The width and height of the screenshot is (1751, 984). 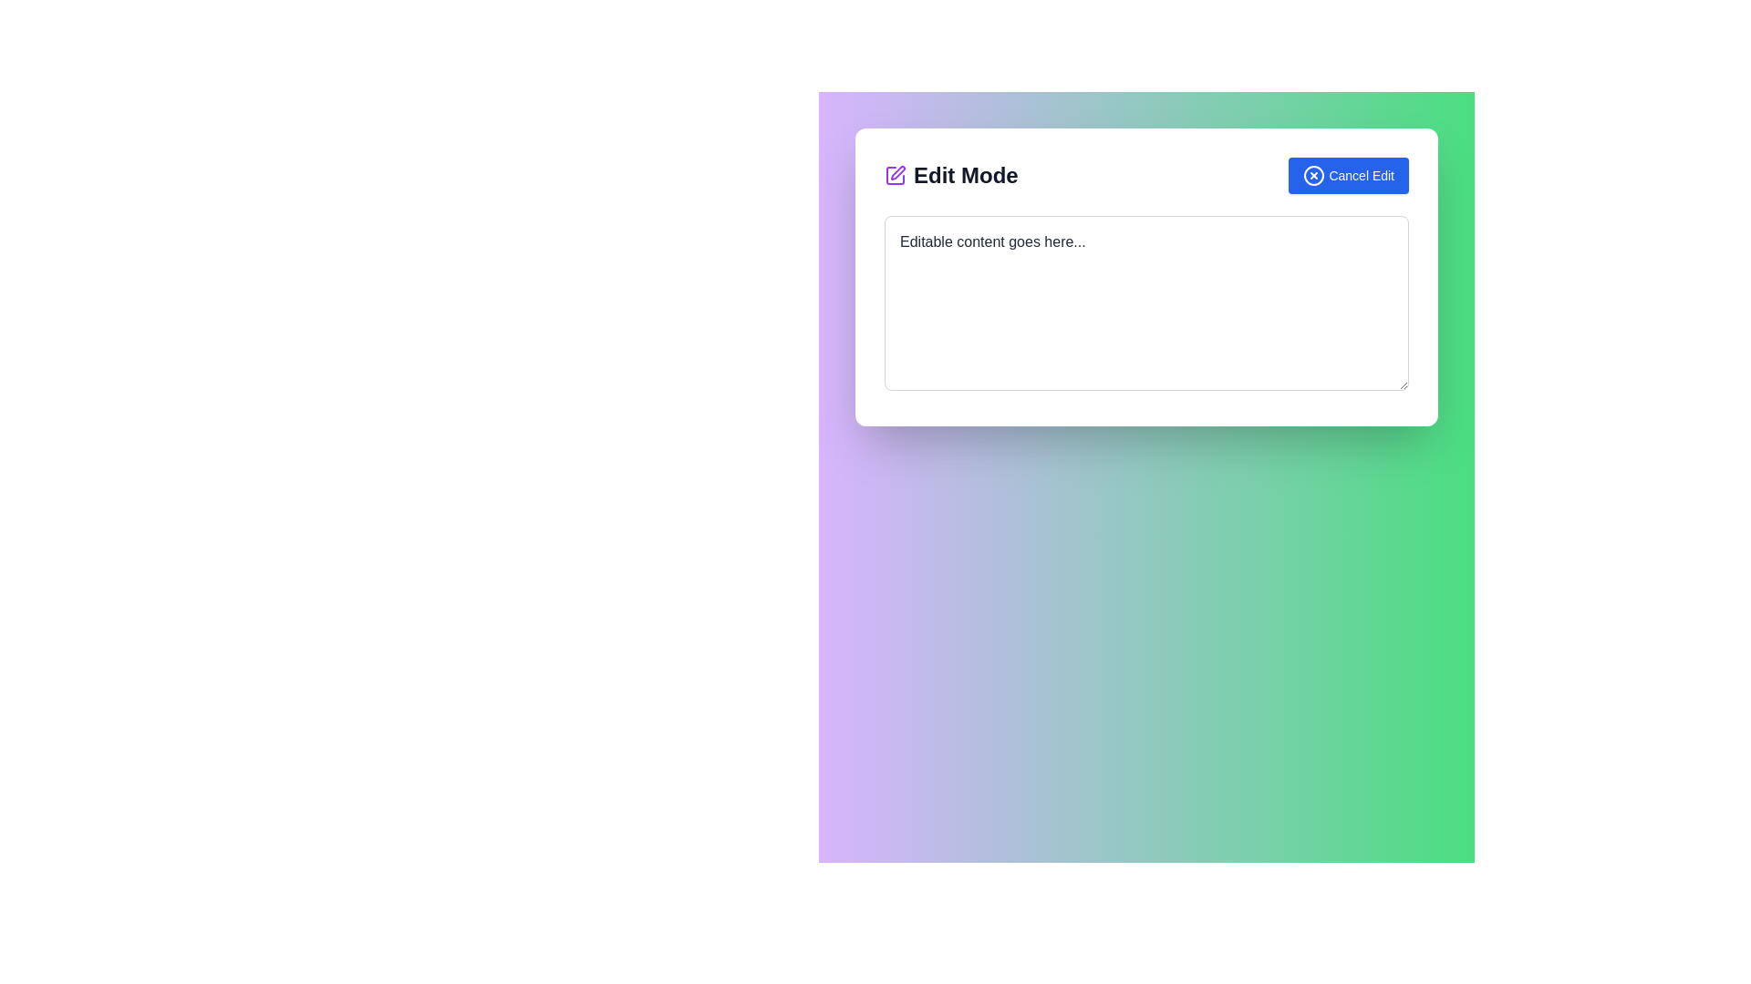 I want to click on the close or cancel icon located within the 'Cancel Edit' button at the top-right corner of the modal, which indicates the cancel functionality, so click(x=1314, y=175).